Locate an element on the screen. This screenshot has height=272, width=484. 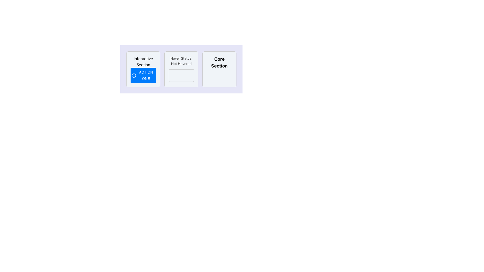
the informational text label that serves as a heading, positioned above the 'Action One' button is located at coordinates (143, 61).